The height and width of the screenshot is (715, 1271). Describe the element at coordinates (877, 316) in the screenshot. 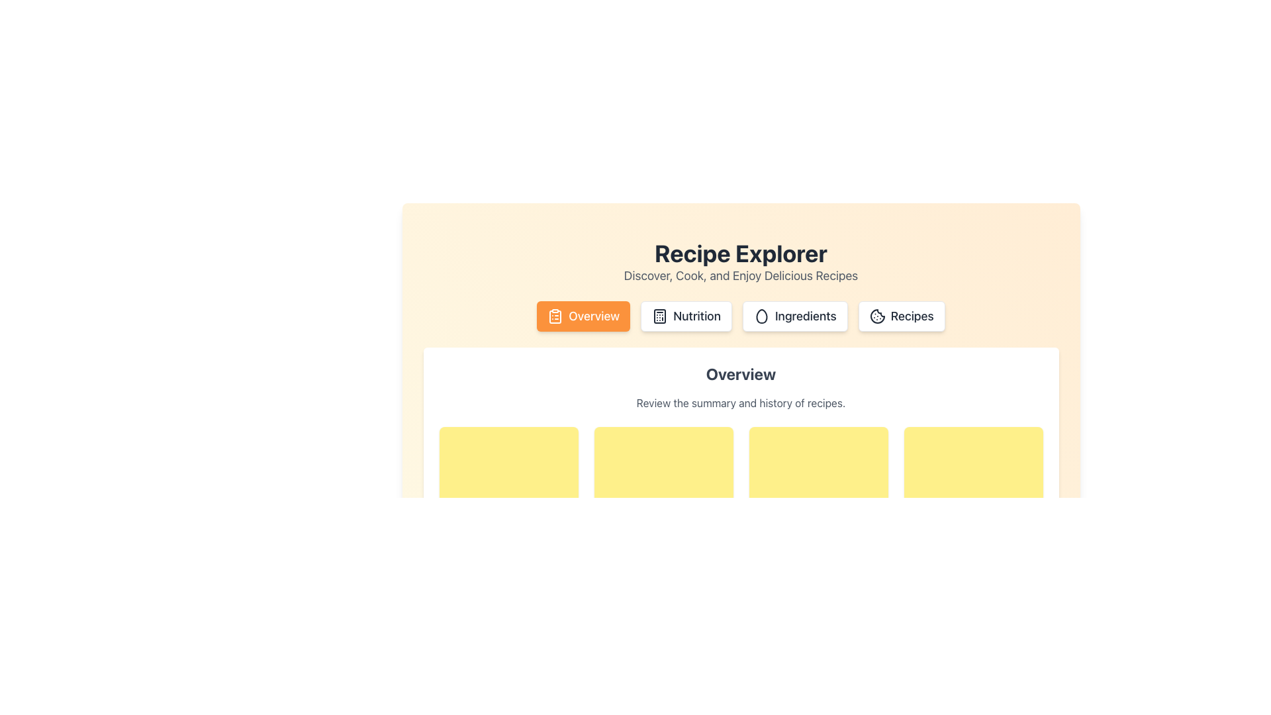

I see `the cookie icon within the 'Recipes' button in the top navigation area` at that location.